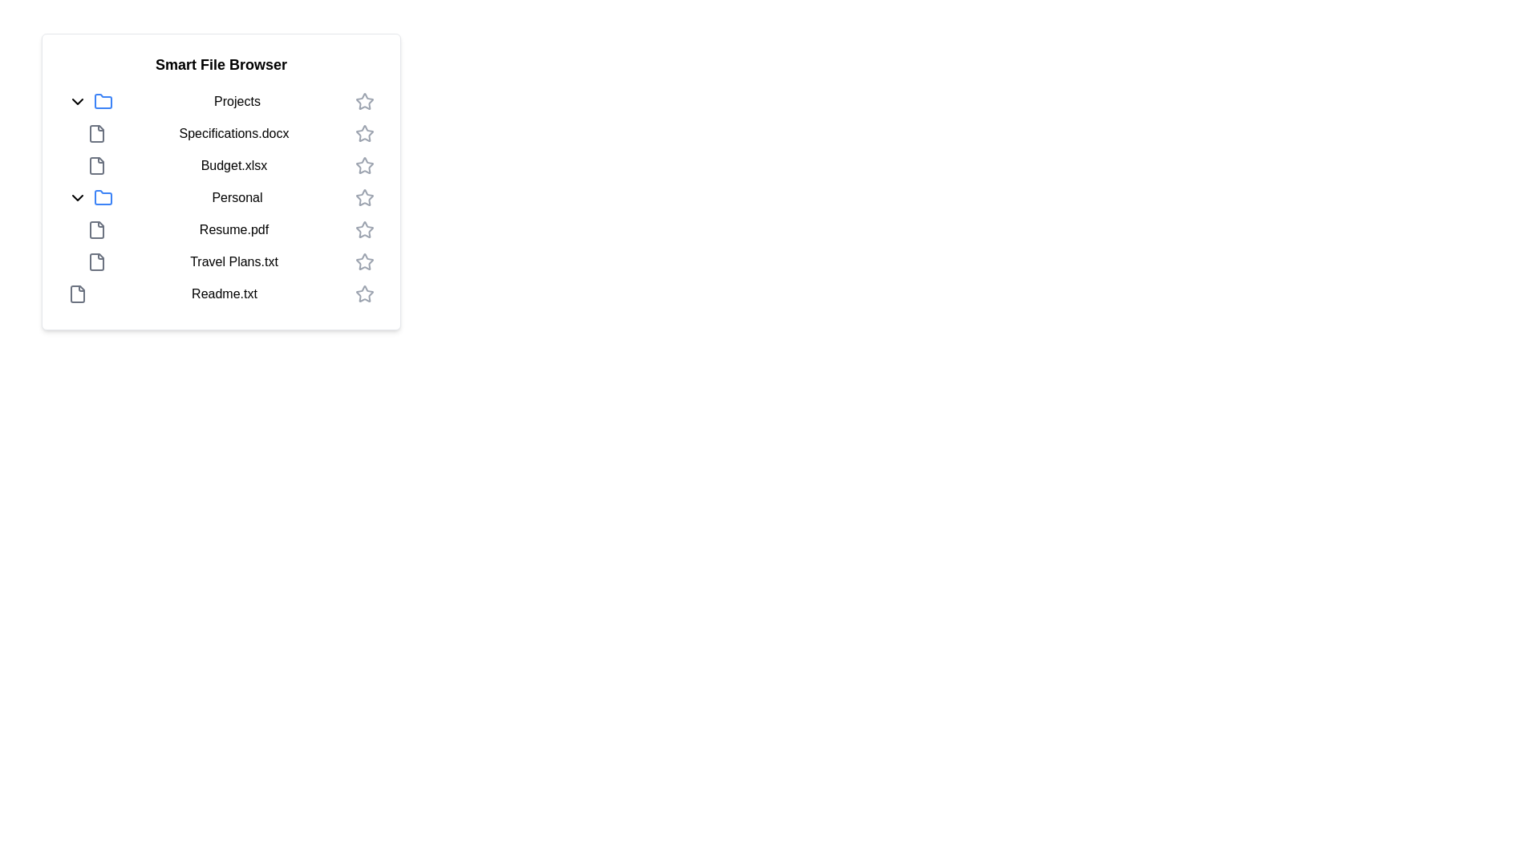 This screenshot has width=1540, height=866. Describe the element at coordinates (237, 102) in the screenshot. I see `the 'Projects' text label in the file browser` at that location.